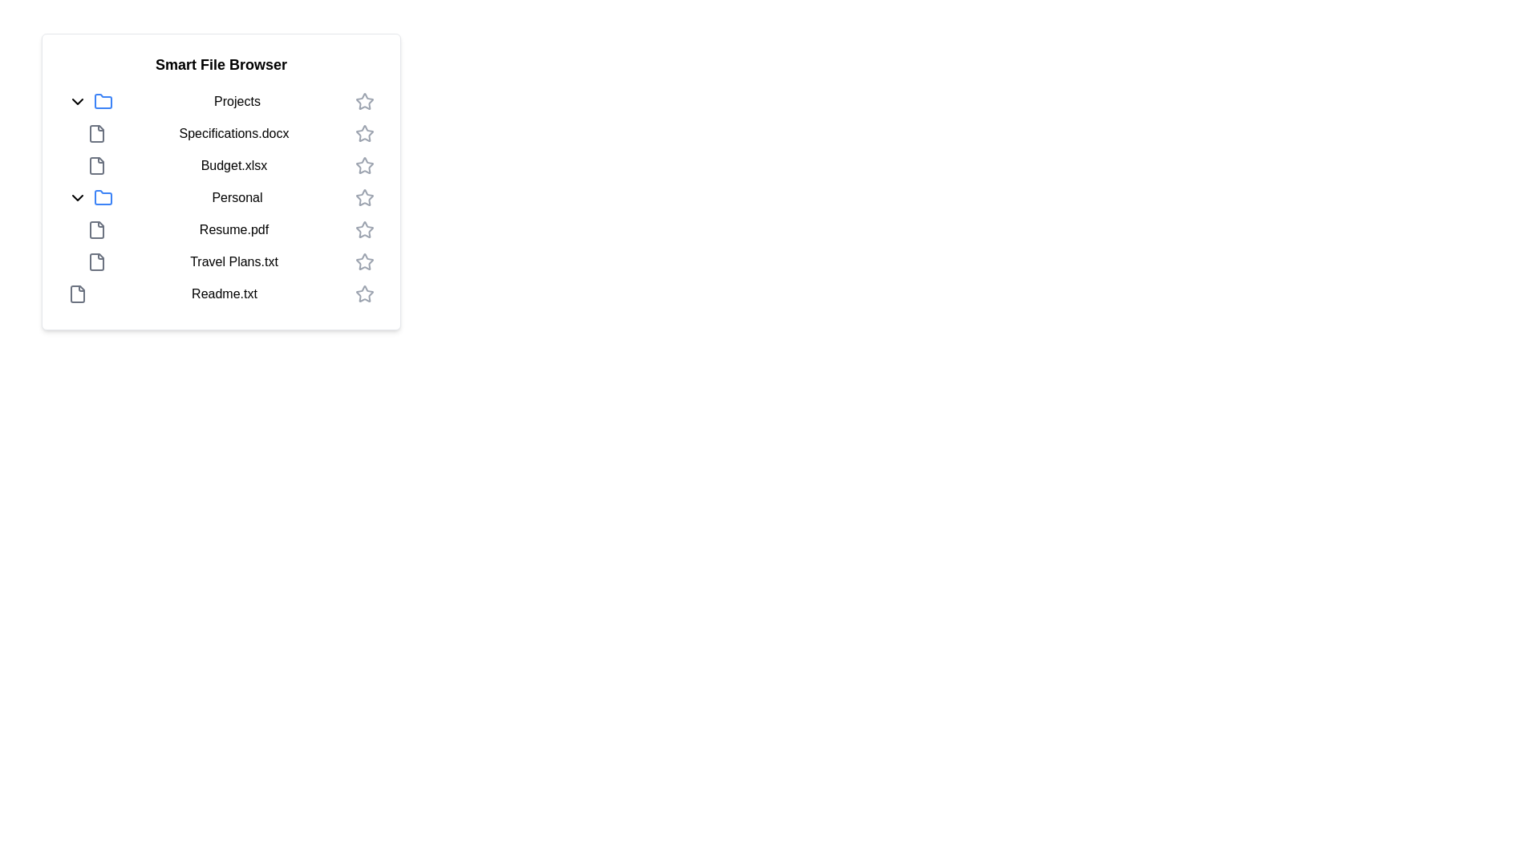 This screenshot has width=1540, height=866. Describe the element at coordinates (237, 102) in the screenshot. I see `the 'Projects' text label in the file browser` at that location.